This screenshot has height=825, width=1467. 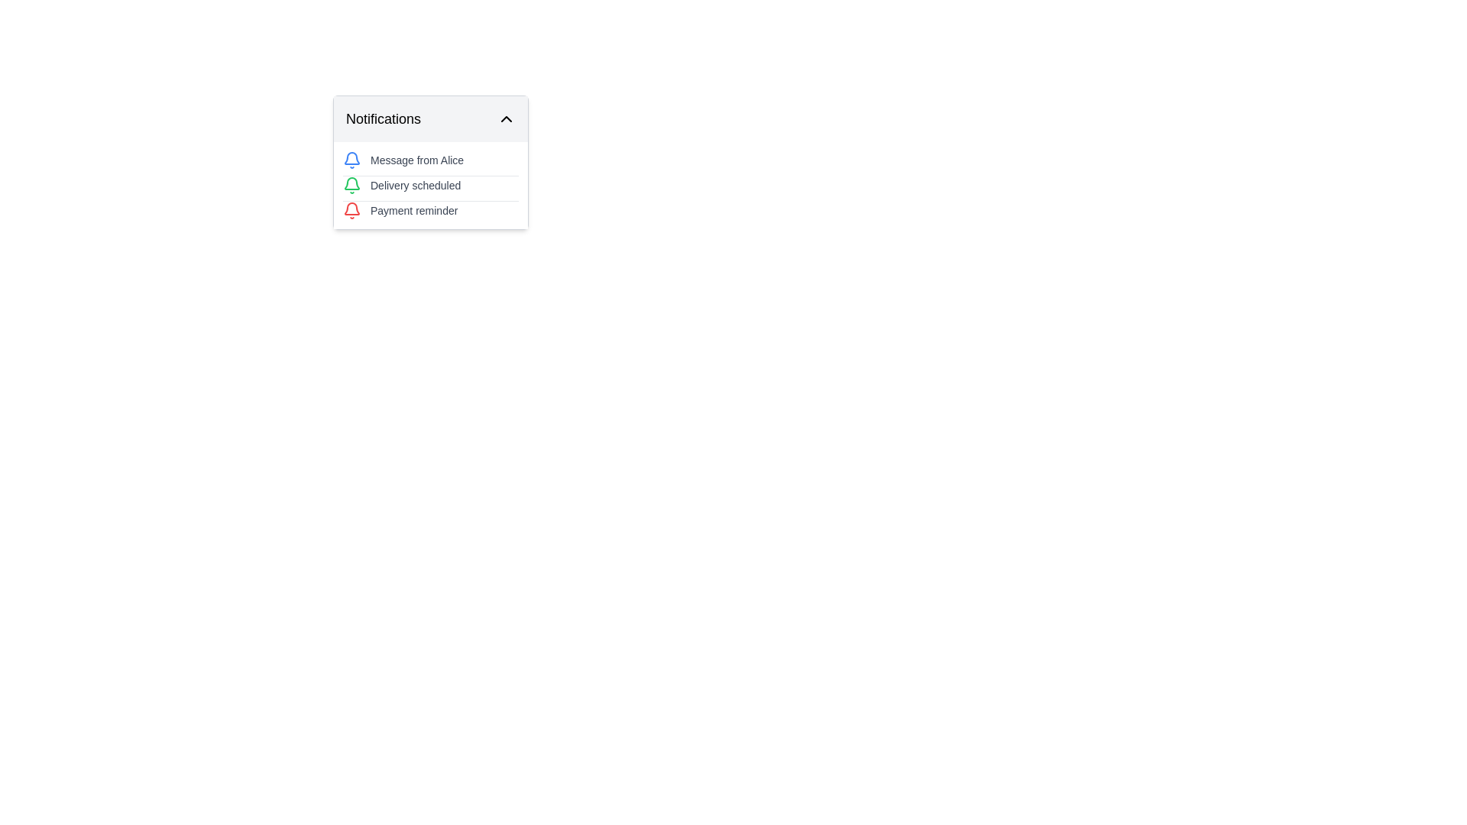 What do you see at coordinates (351, 211) in the screenshot?
I see `the reminder icon located to the left of the 'Payment reminder' text in the notifications dropdown box` at bounding box center [351, 211].